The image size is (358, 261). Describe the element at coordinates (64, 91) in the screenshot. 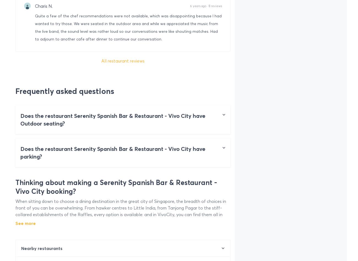

I see `'Frequently asked questions'` at that location.